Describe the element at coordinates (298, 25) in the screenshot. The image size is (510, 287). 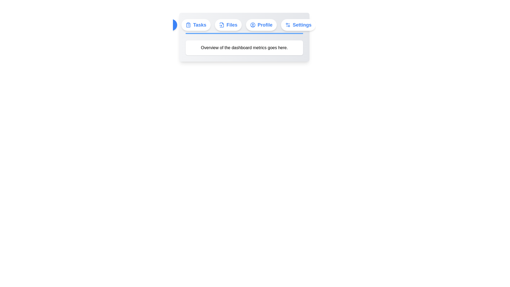
I see `the 'Settings' button located at the far right of the horizontal navigation bar` at that location.